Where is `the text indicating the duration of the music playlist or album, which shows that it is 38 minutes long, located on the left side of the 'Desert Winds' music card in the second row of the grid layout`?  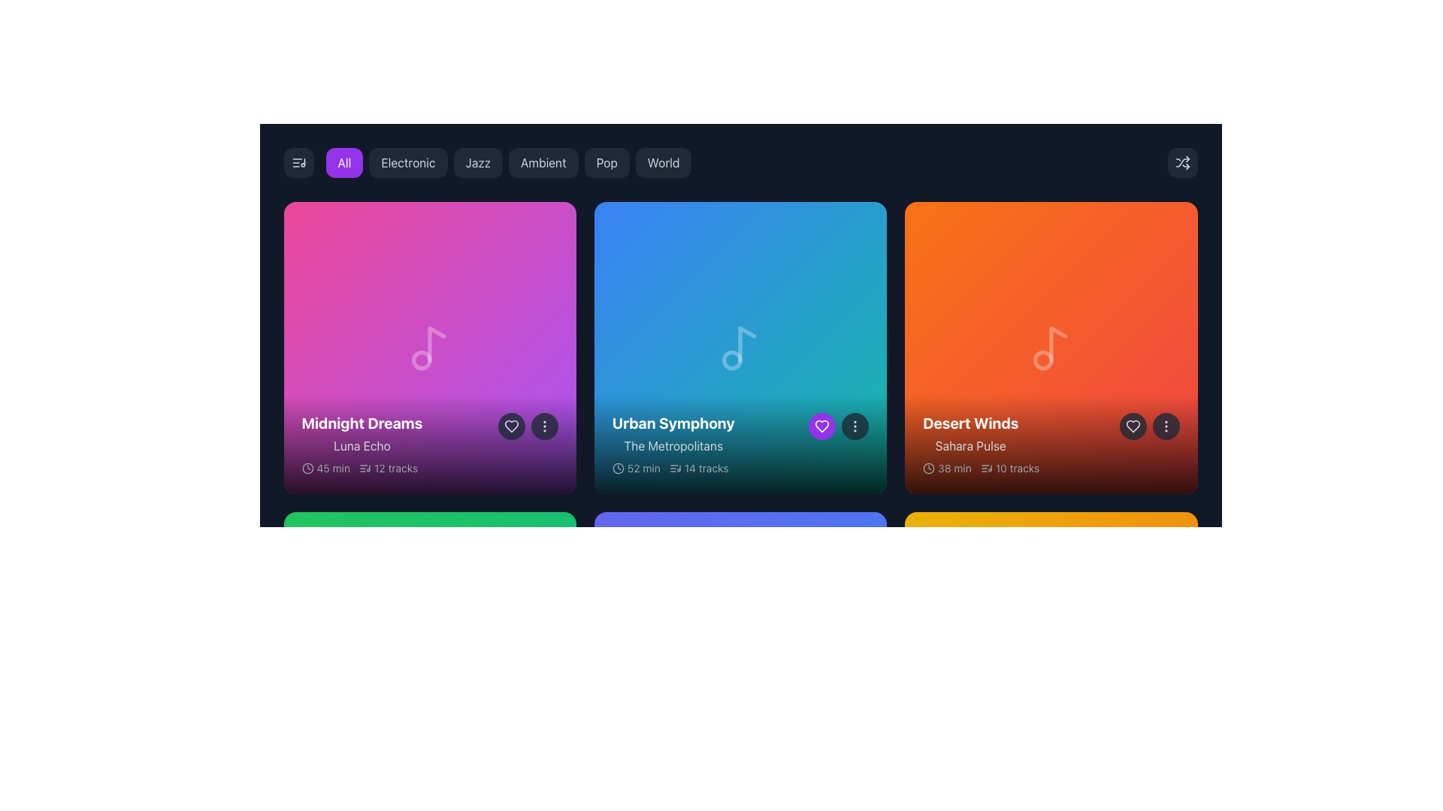
the text indicating the duration of the music playlist or album, which shows that it is 38 minutes long, located on the left side of the 'Desert Winds' music card in the second row of the grid layout is located at coordinates (946, 468).